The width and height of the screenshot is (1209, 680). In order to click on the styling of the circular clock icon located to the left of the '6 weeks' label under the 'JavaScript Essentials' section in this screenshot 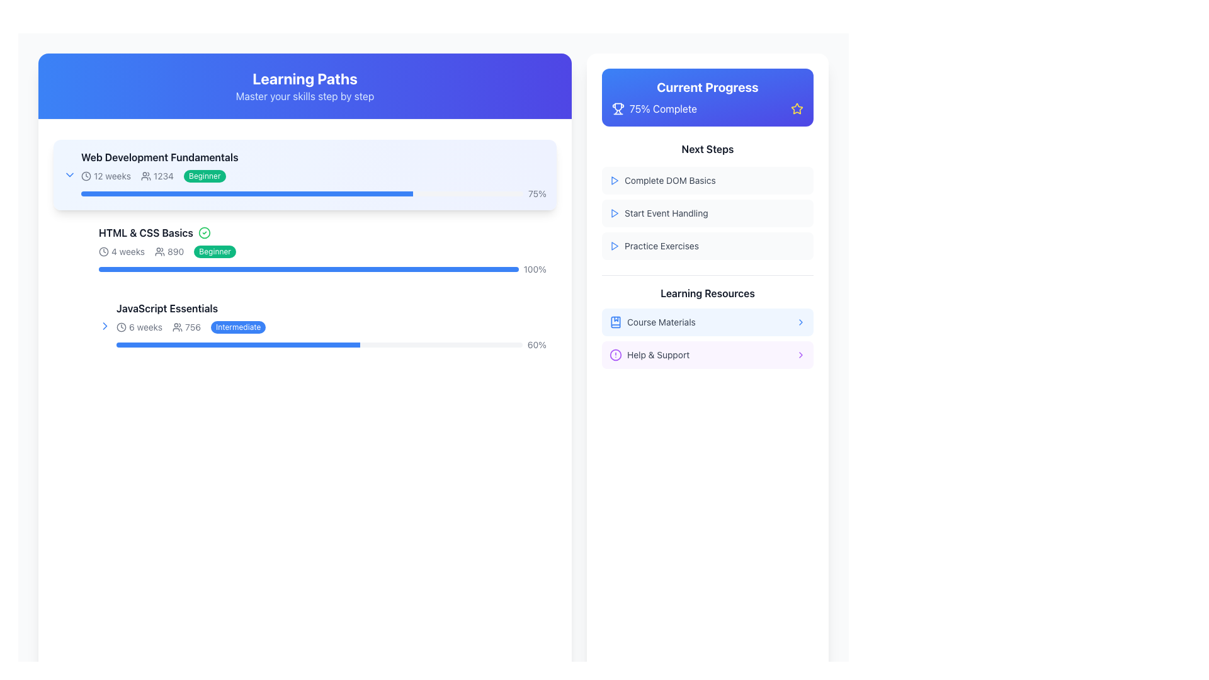, I will do `click(121, 327)`.